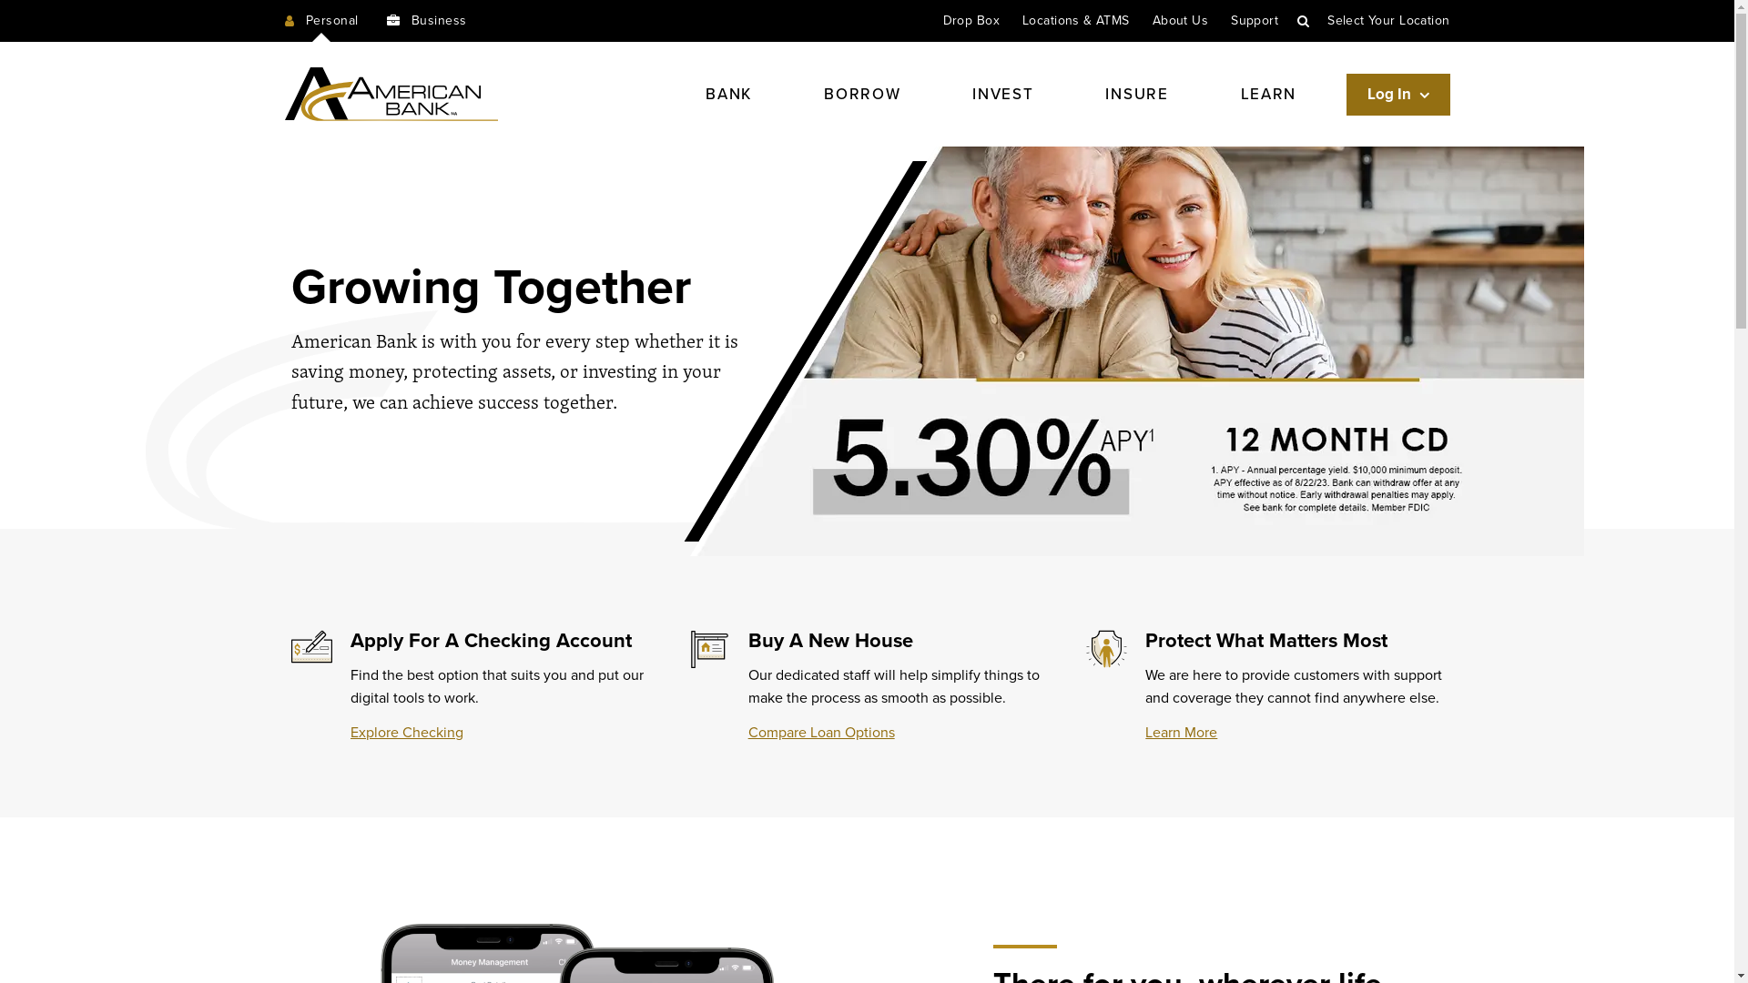 The image size is (1748, 983). Describe the element at coordinates (1397, 95) in the screenshot. I see `'Log In'` at that location.